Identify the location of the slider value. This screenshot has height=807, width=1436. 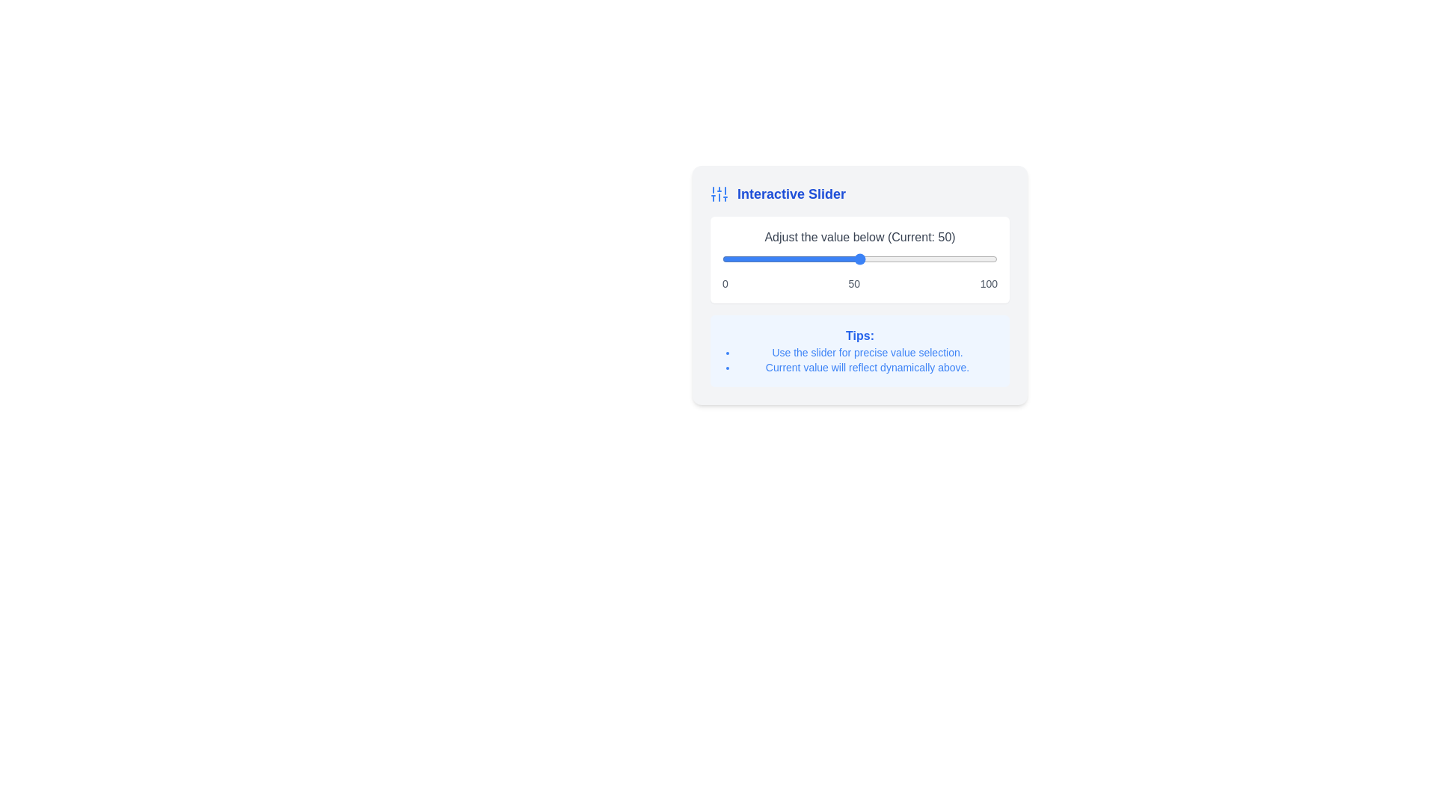
(849, 259).